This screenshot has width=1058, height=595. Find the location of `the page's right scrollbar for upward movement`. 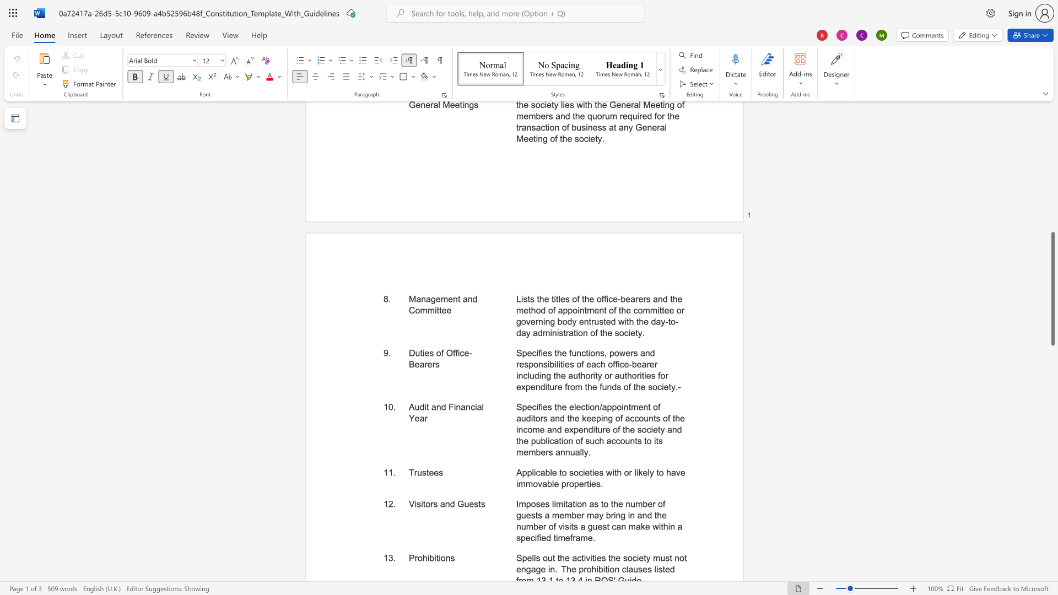

the page's right scrollbar for upward movement is located at coordinates (1052, 214).